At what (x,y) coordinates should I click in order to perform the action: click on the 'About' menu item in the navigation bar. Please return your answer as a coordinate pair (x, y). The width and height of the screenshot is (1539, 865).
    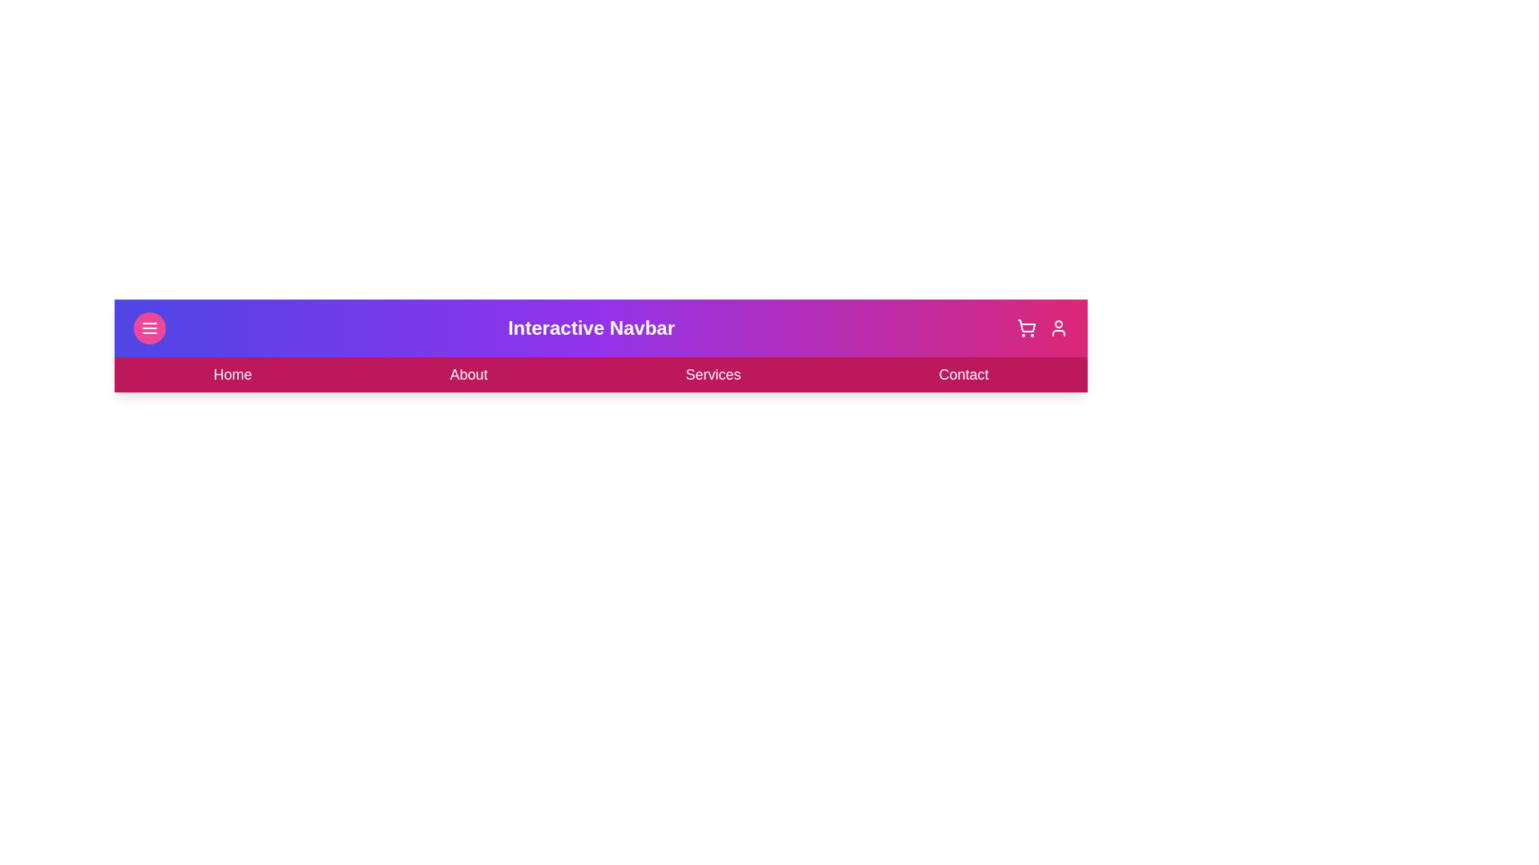
    Looking at the image, I should click on (467, 374).